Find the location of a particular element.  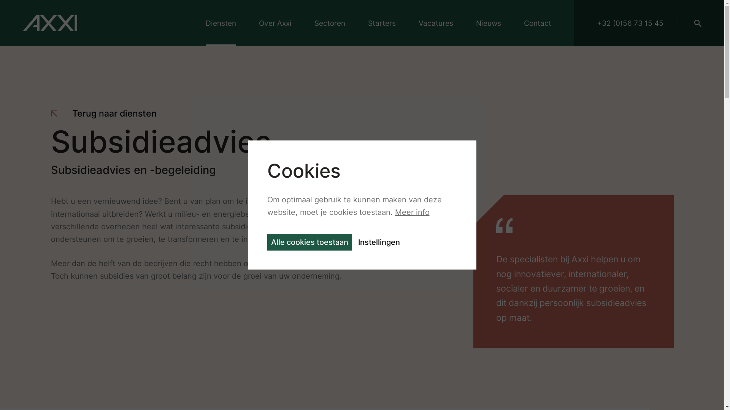

'Terug naar diensten' is located at coordinates (103, 114).